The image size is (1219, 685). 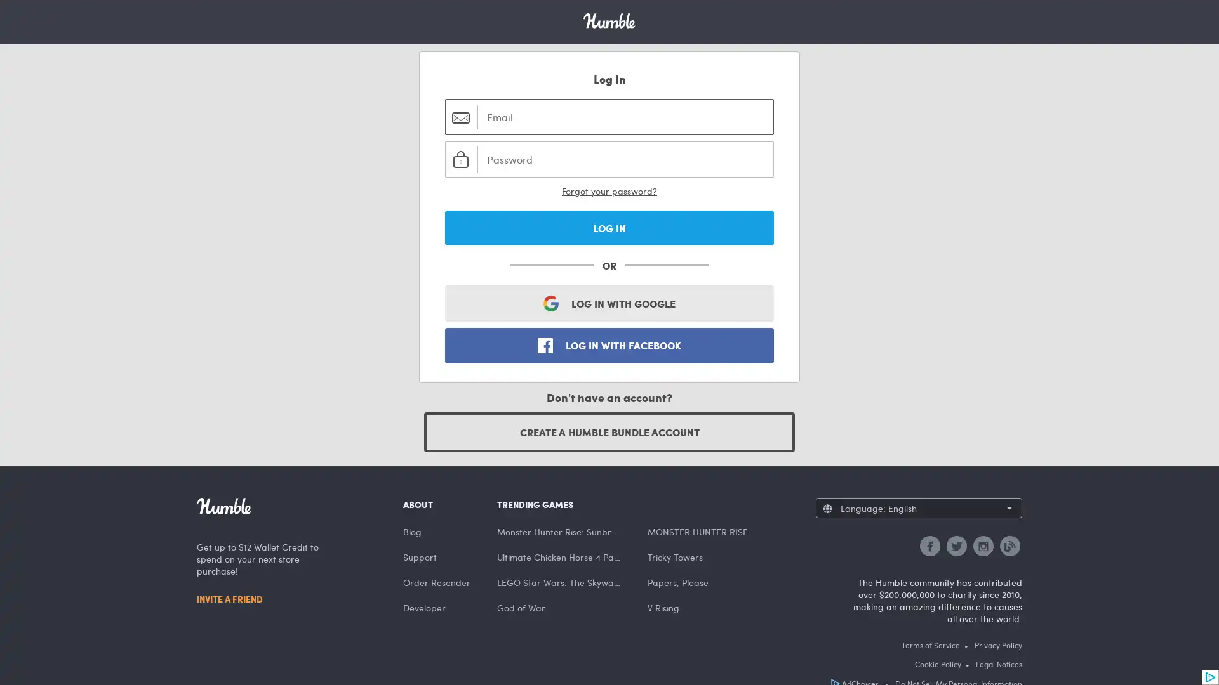 I want to click on Language: English, so click(x=919, y=507).